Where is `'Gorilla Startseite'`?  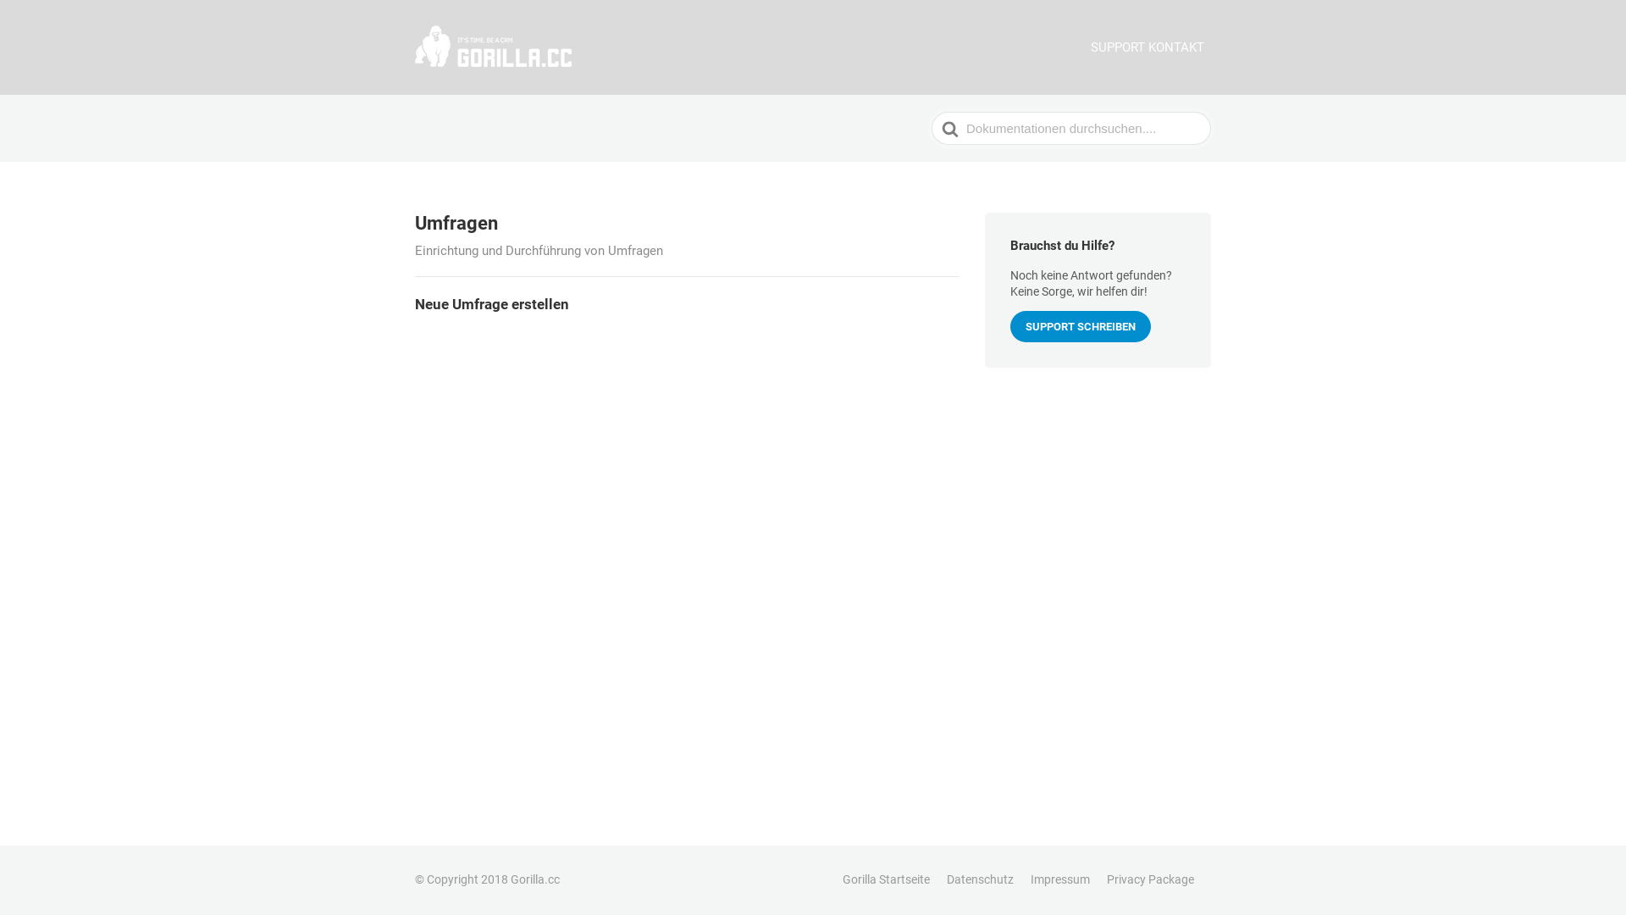
'Gorilla Startseite' is located at coordinates (885, 878).